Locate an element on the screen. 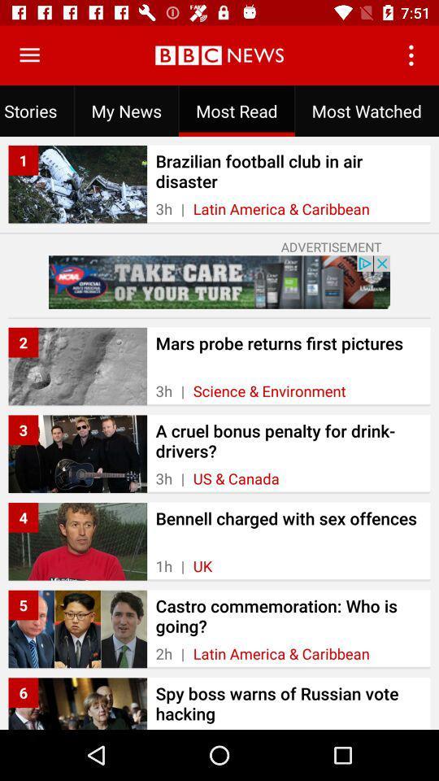 Image resolution: width=439 pixels, height=781 pixels. to advertisement box is located at coordinates (219, 282).